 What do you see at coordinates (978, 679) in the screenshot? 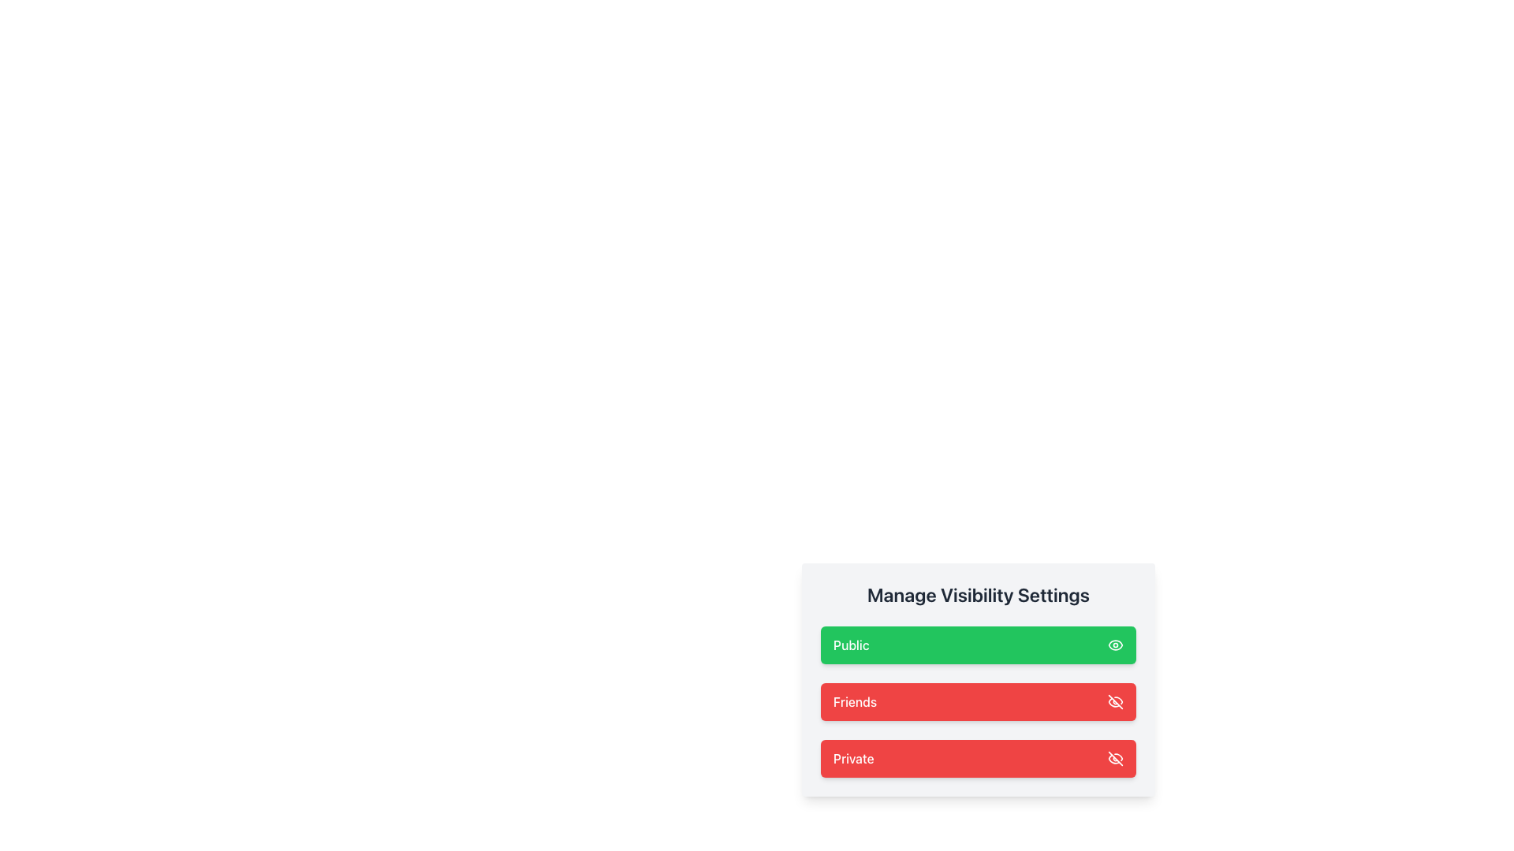
I see `the Card component for managing visibility settings, which contains three vertically arranged buttons including the 'Friends' button in the center` at bounding box center [978, 679].